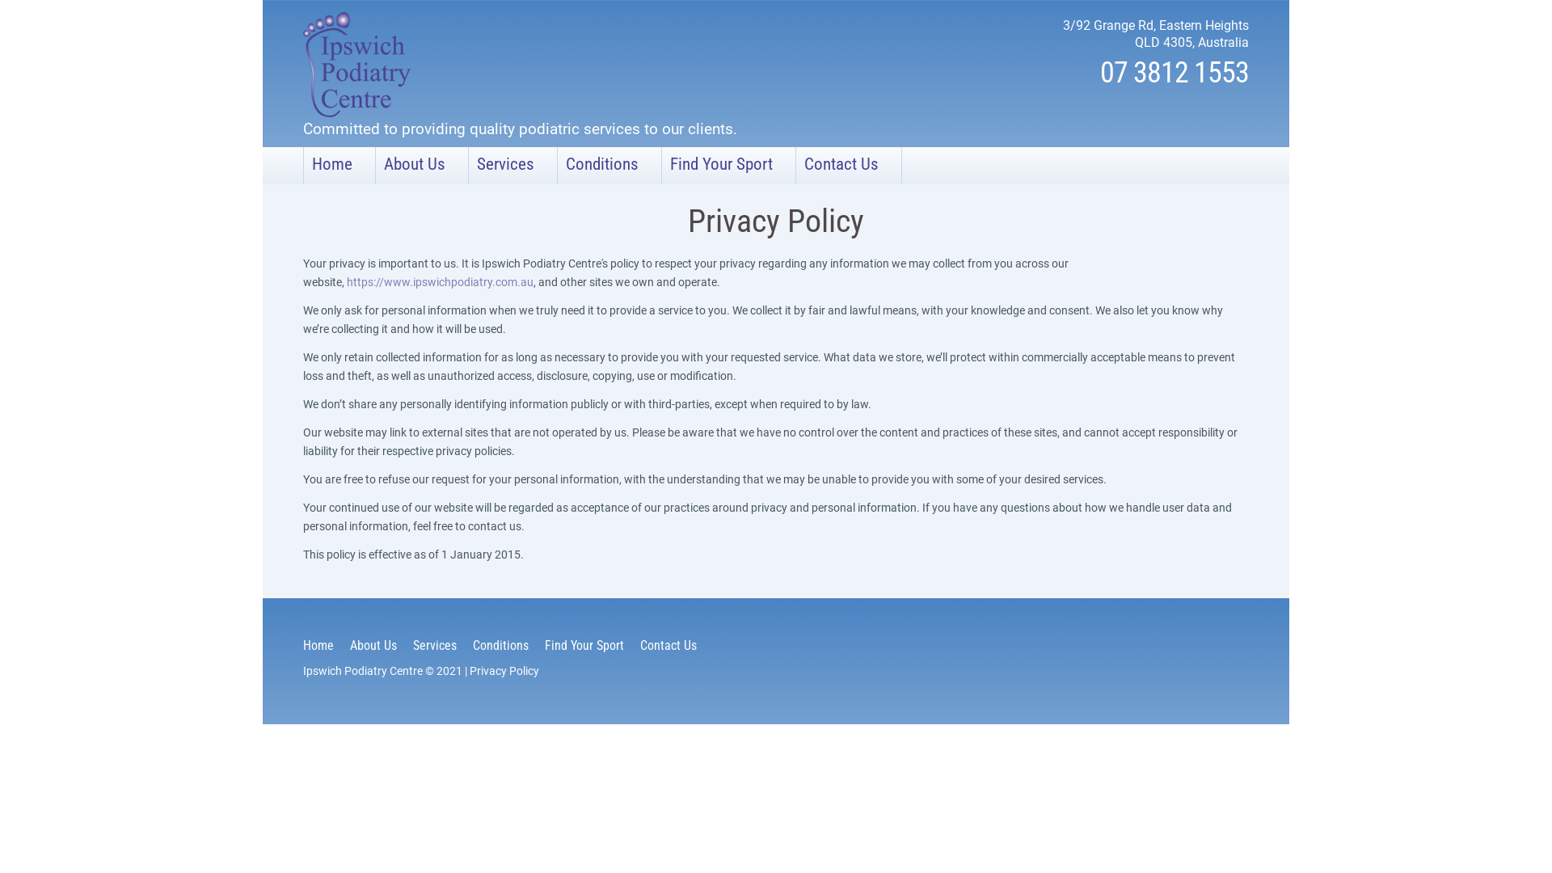 This screenshot has height=873, width=1552. What do you see at coordinates (512, 165) in the screenshot?
I see `'Services'` at bounding box center [512, 165].